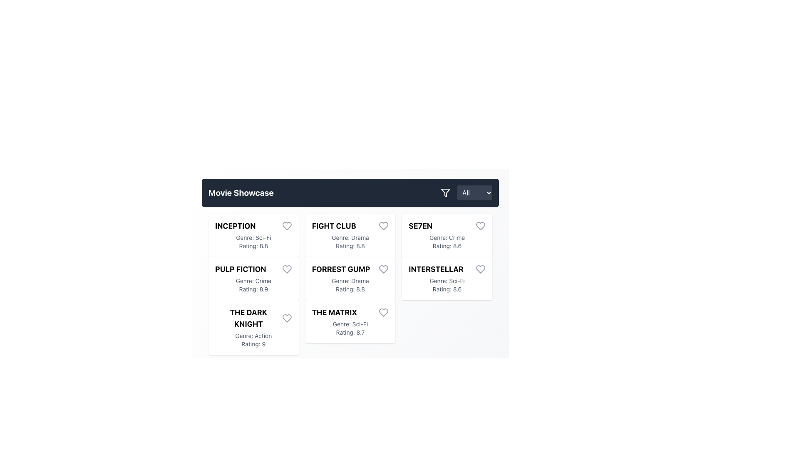  Describe the element at coordinates (383, 226) in the screenshot. I see `the 'favorite' or 'like' icon located in the top-right corner of the 'FIGHT CLUB' card in the Movie Showcase section` at that location.